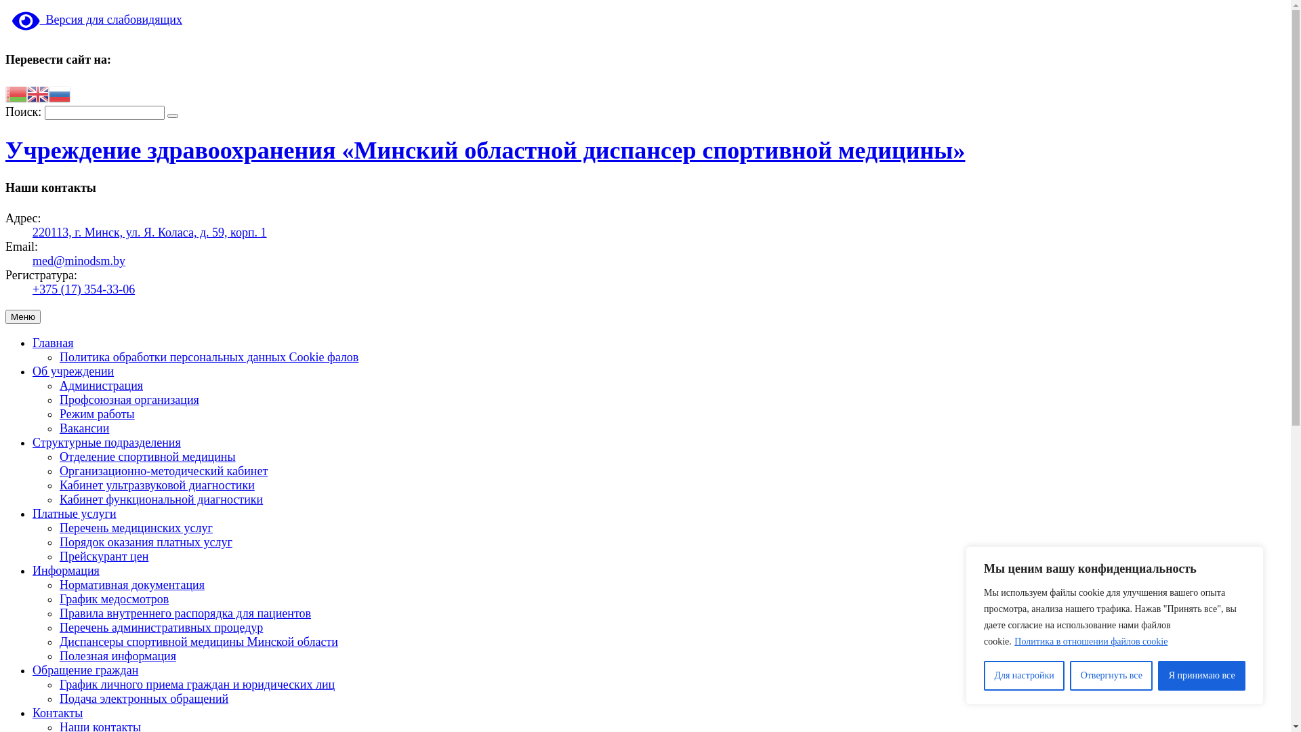 The image size is (1301, 732). What do you see at coordinates (38, 92) in the screenshot?
I see `'English'` at bounding box center [38, 92].